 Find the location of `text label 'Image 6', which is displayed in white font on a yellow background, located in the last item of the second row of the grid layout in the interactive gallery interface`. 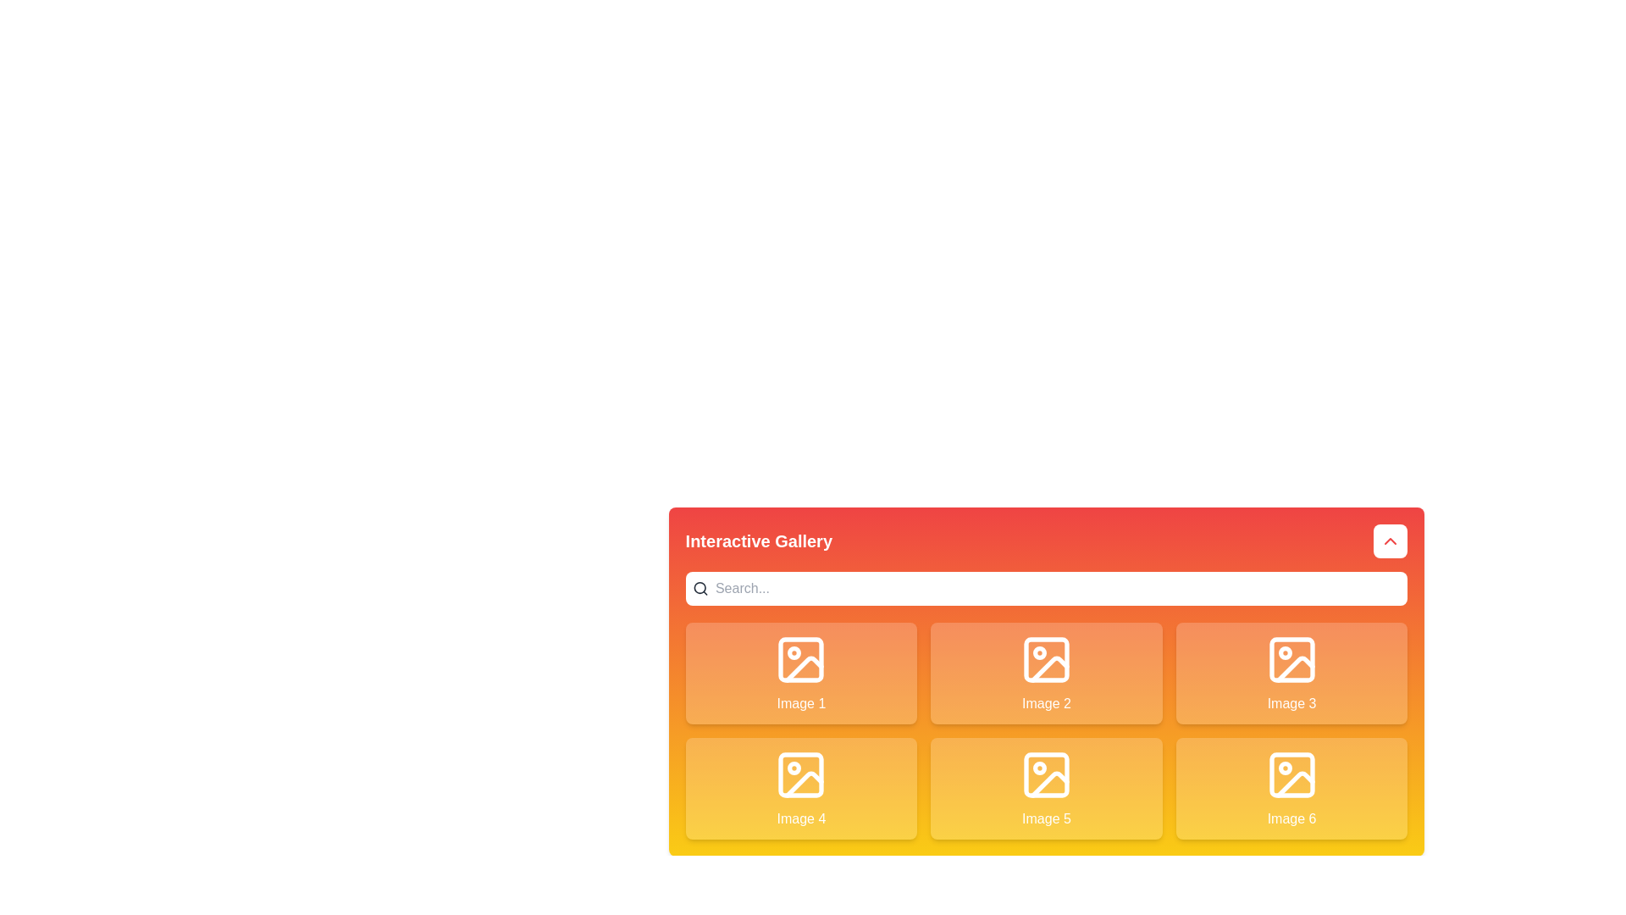

text label 'Image 6', which is displayed in white font on a yellow background, located in the last item of the second row of the grid layout in the interactive gallery interface is located at coordinates (1291, 818).